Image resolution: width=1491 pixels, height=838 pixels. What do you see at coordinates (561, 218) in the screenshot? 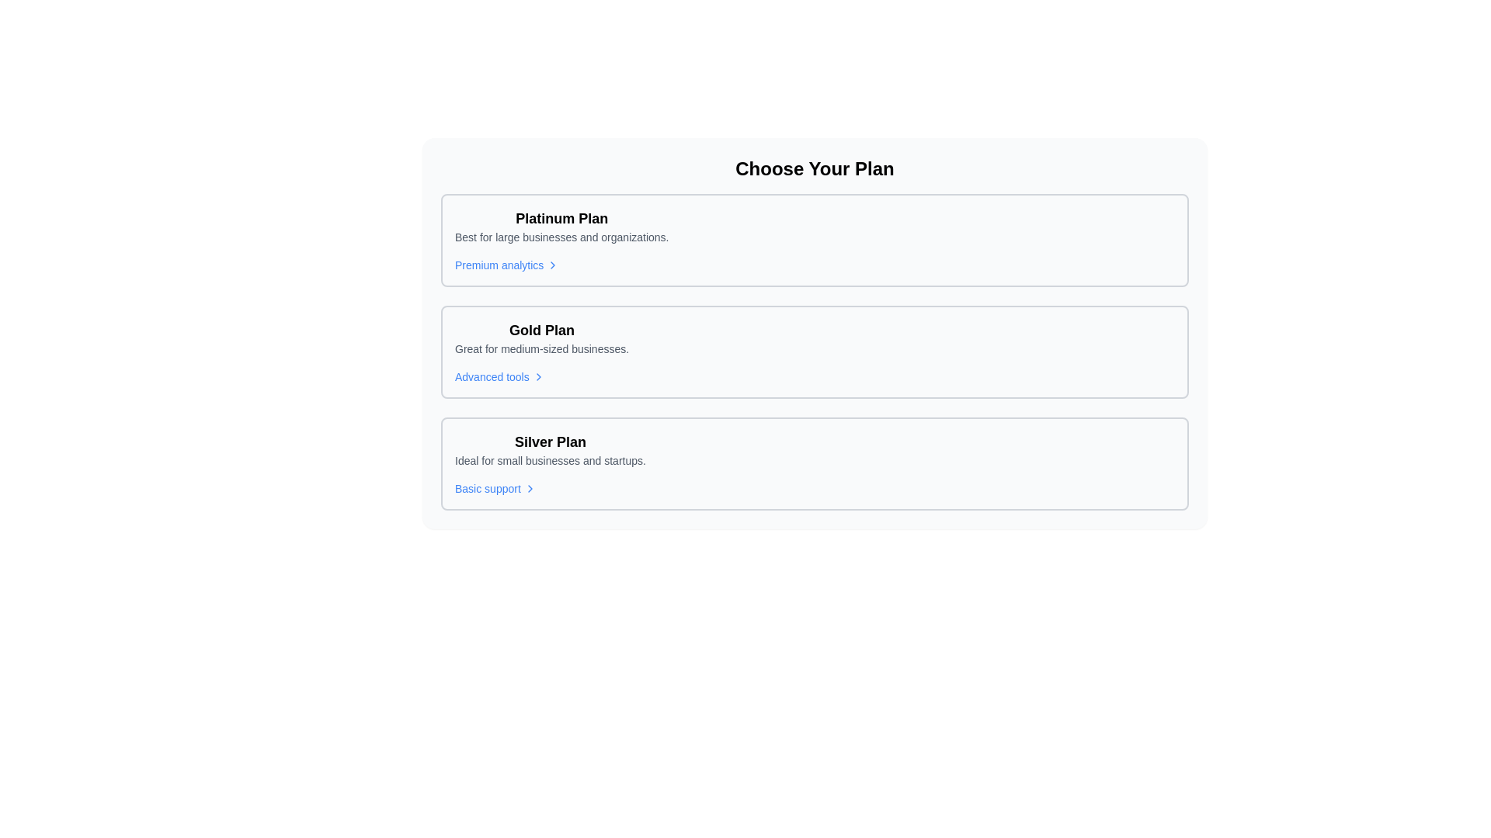
I see `the text label that serves as the title for the Platinum Plan subscription option, located in the top-left corner of the box outlining the Platinum Plan` at bounding box center [561, 218].